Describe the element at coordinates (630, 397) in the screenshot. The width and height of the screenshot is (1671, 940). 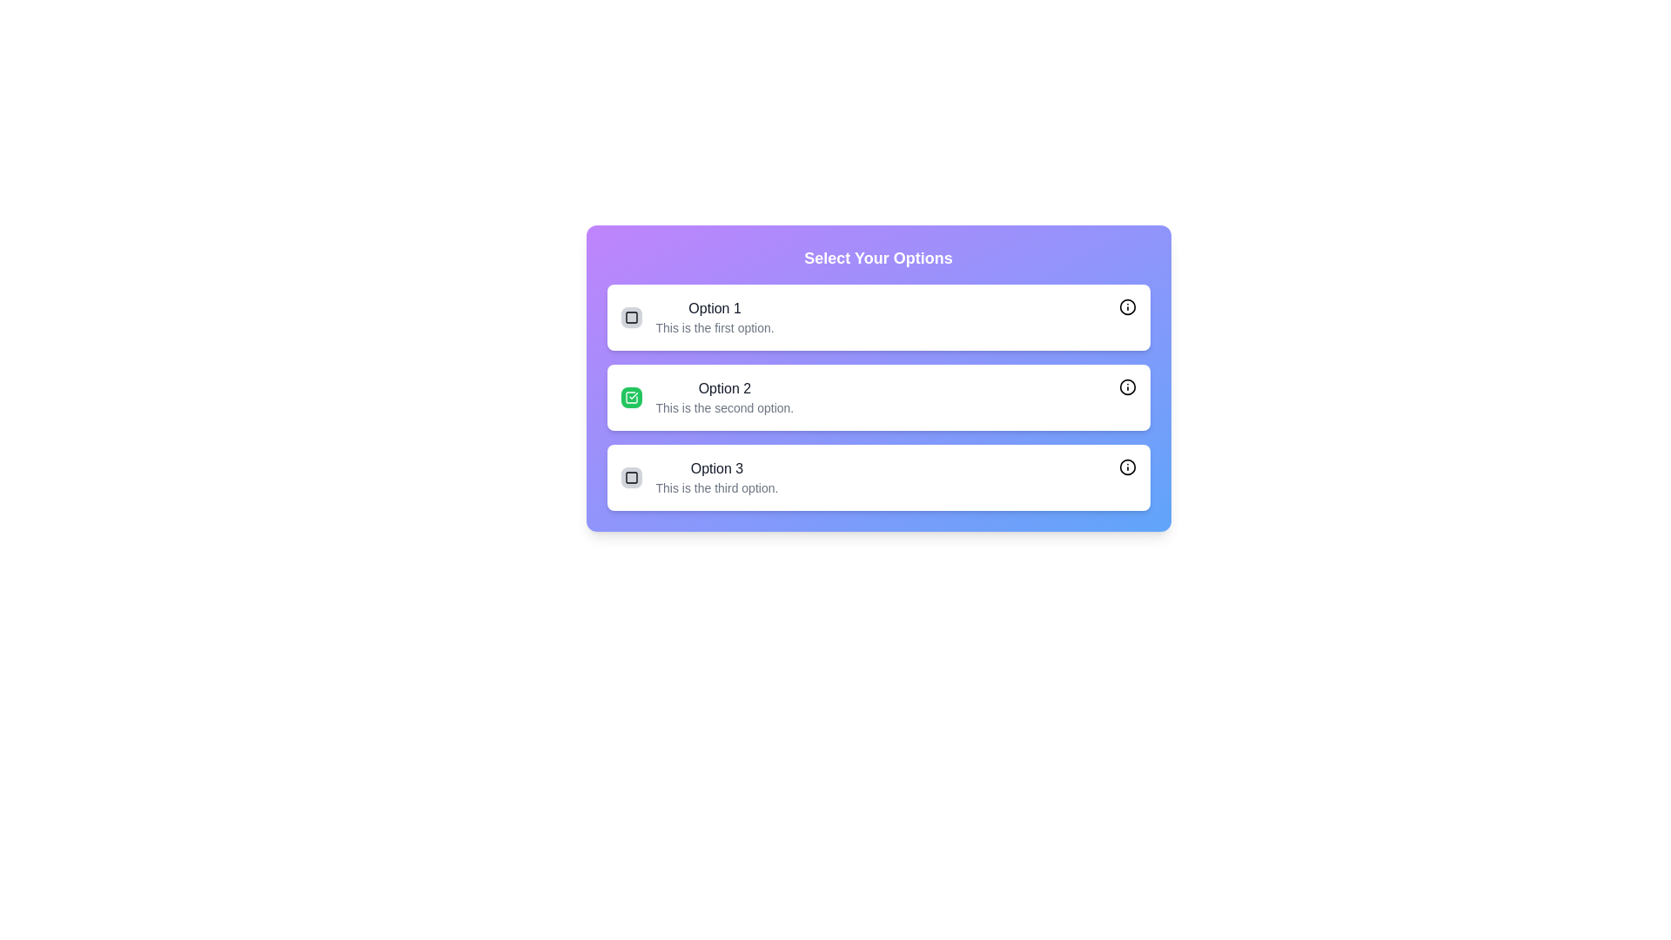
I see `the checkbox or status indicator icon located to the left of 'Option 2 This is the second option.'` at that location.